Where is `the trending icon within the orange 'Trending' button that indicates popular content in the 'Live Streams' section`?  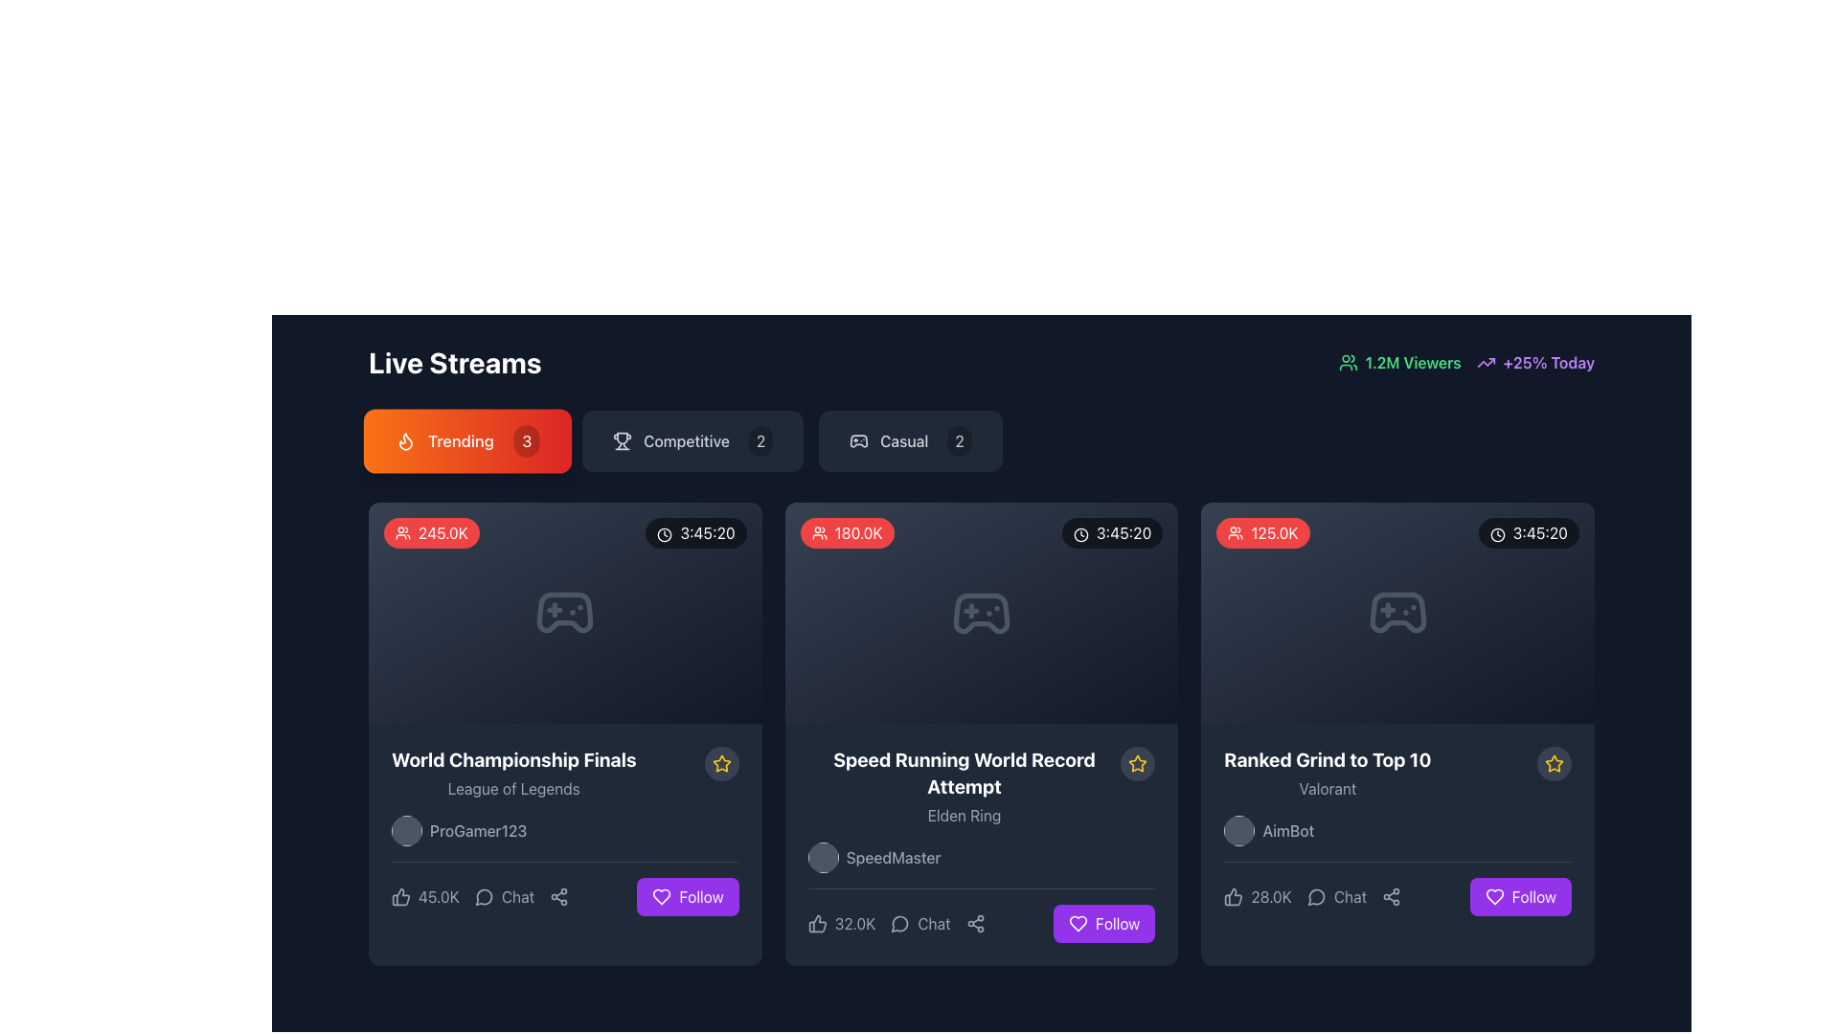 the trending icon within the orange 'Trending' button that indicates popular content in the 'Live Streams' section is located at coordinates (404, 441).